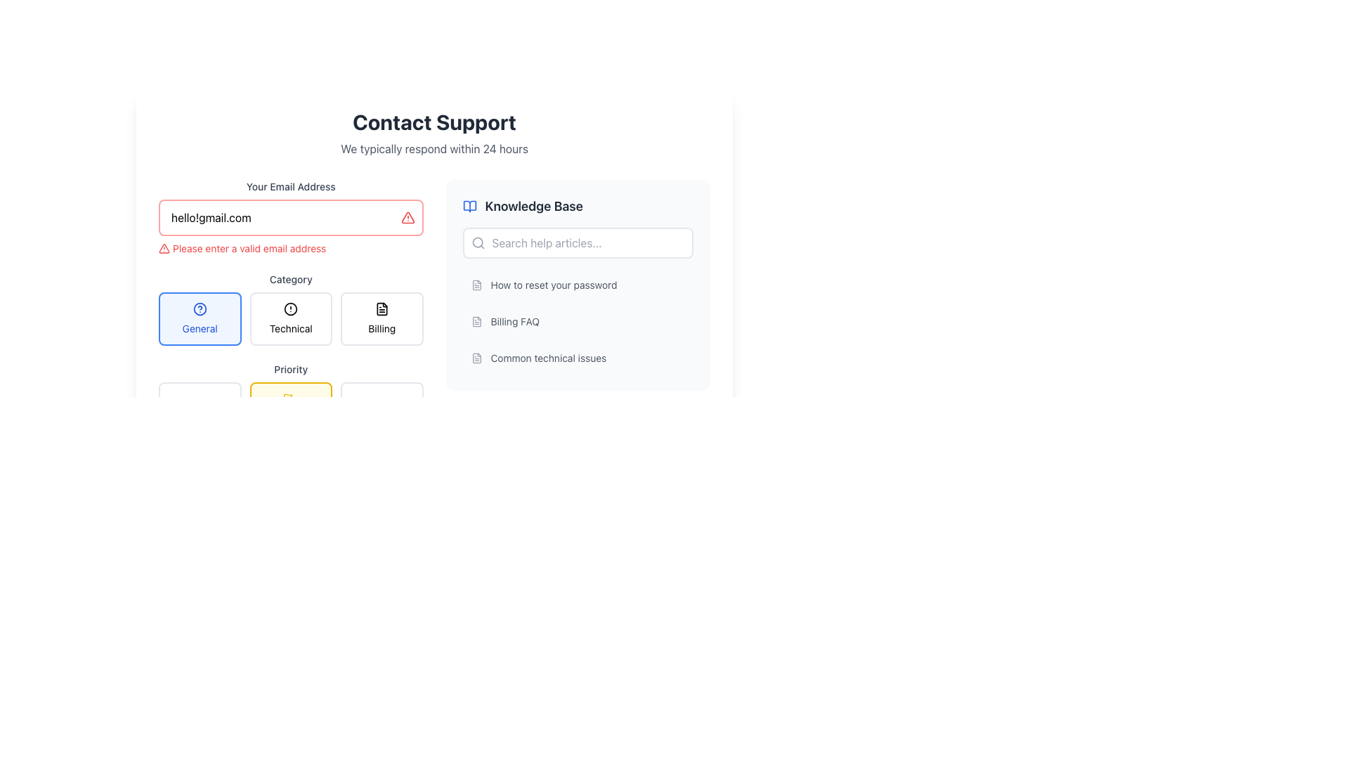 The height and width of the screenshot is (759, 1349). I want to click on text displayed on the 'General' text label, which serves as a label for the selectable 'General' category button located in the 'Category' section below the email input field, so click(199, 328).